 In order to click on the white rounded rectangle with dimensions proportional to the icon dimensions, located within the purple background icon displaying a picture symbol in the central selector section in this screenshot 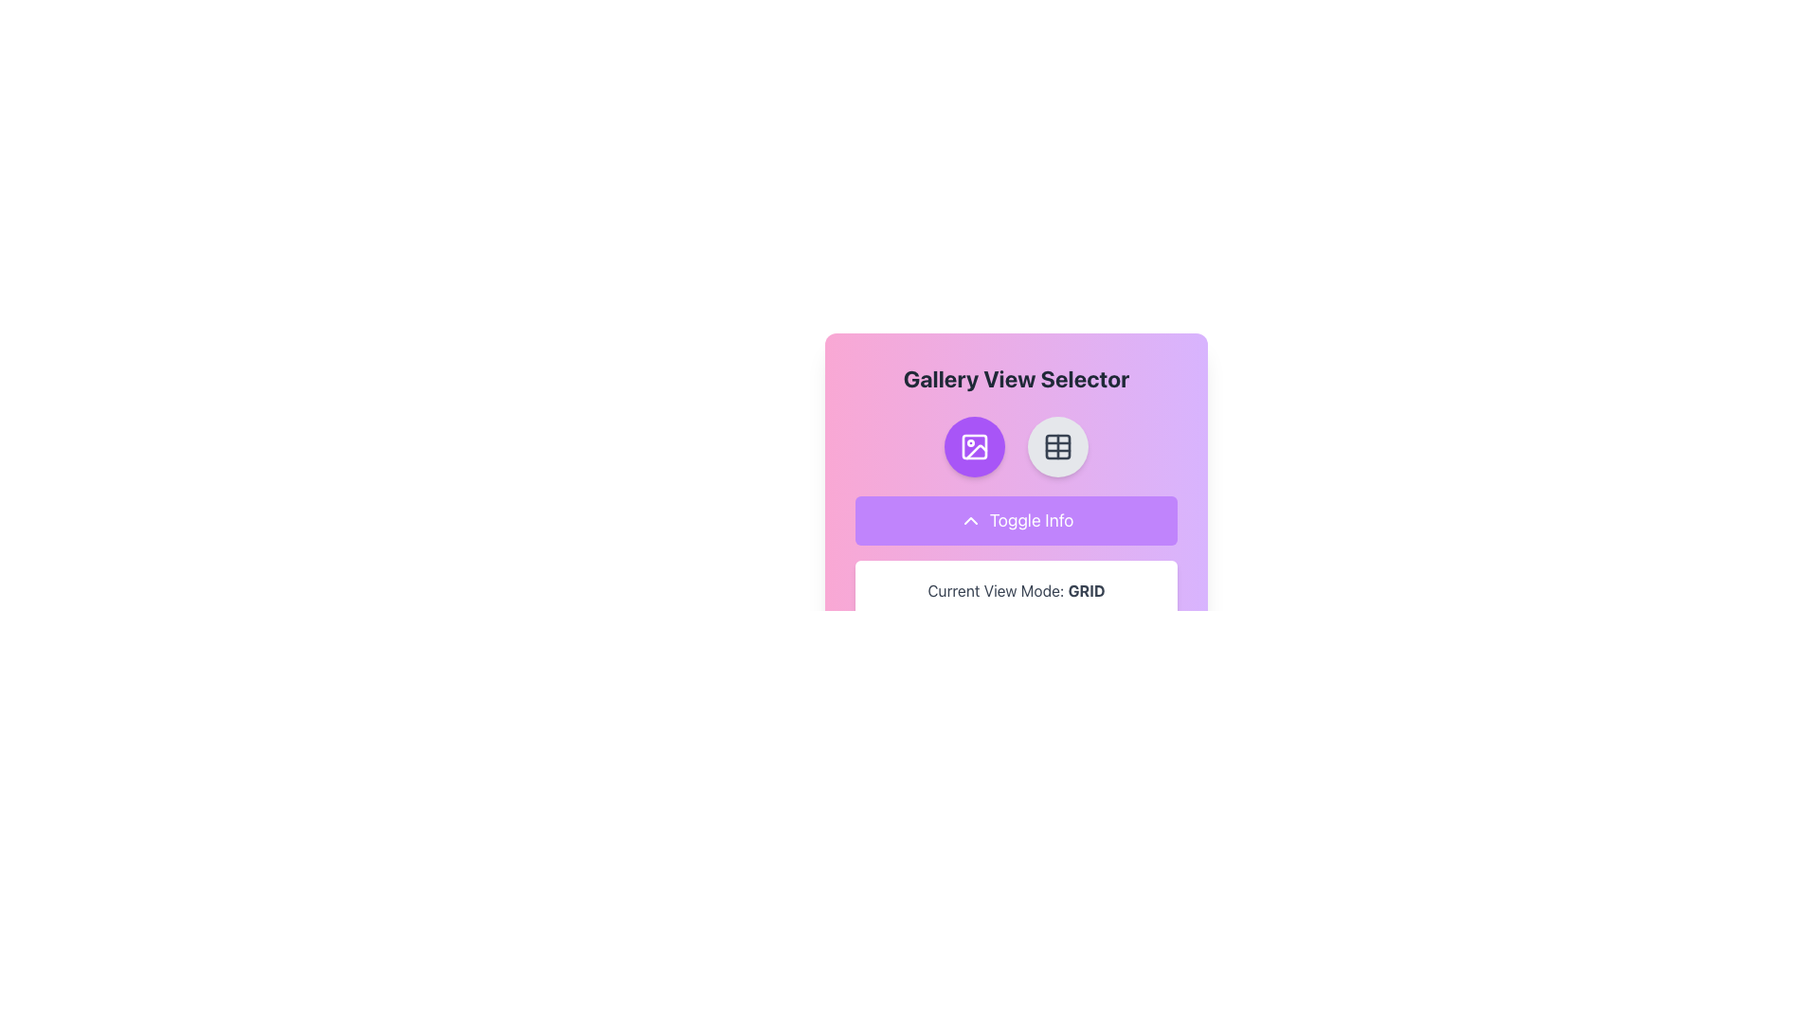, I will do `click(974, 446)`.